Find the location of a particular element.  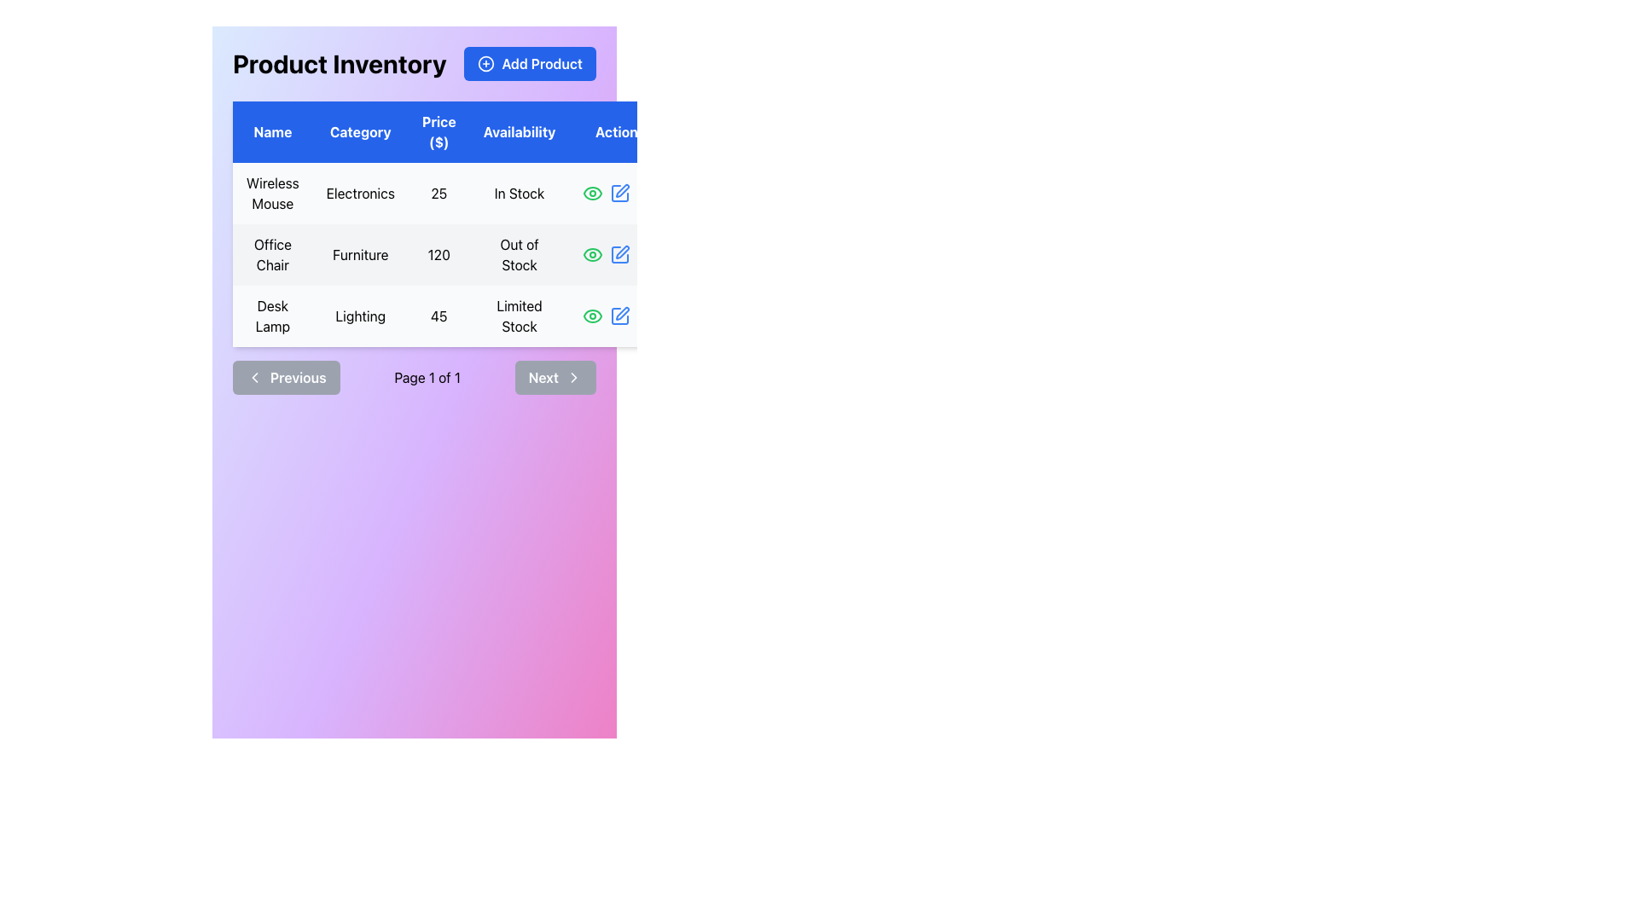

the table row representing the office chair in the product catalog, which contains details such as product name, category, price, availability, and action icons is located at coordinates (452, 255).